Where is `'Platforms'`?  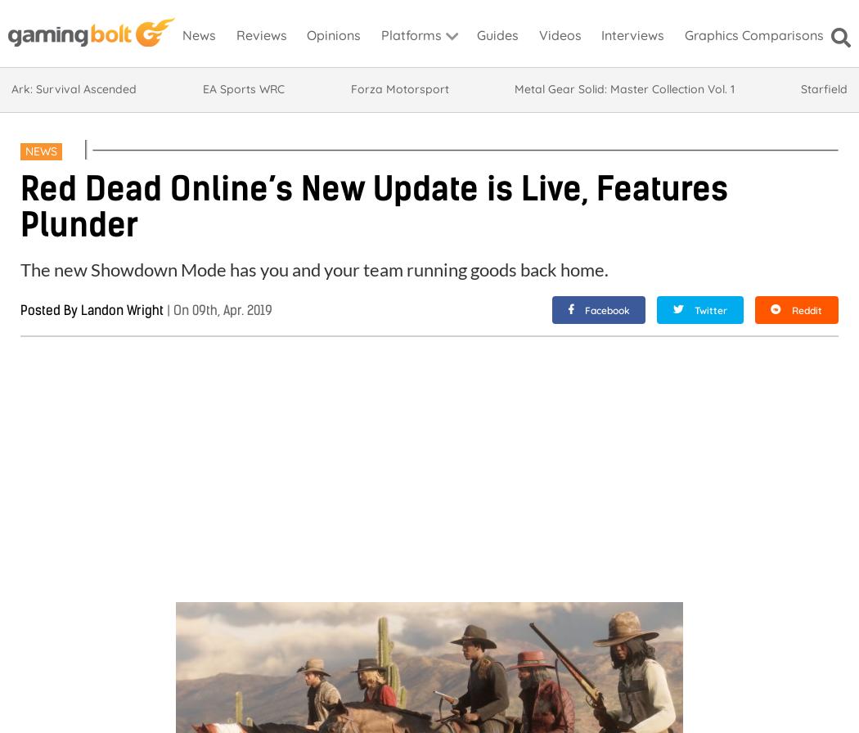 'Platforms' is located at coordinates (410, 35).